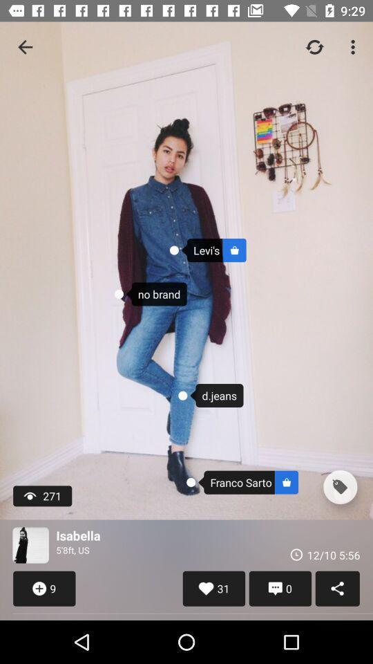  I want to click on isabella, so click(30, 545).